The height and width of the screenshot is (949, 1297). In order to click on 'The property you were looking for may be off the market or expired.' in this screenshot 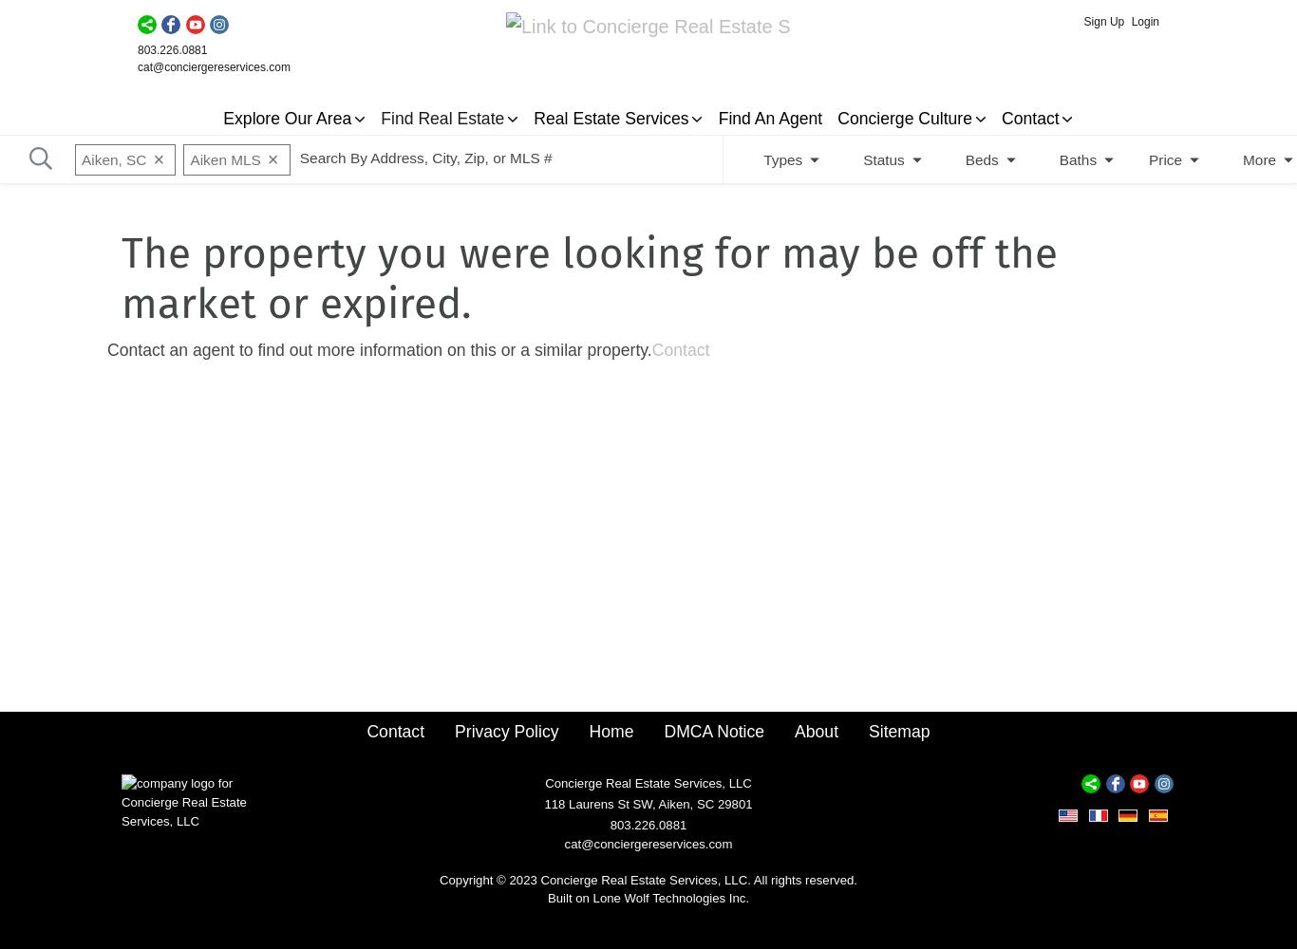, I will do `click(588, 279)`.